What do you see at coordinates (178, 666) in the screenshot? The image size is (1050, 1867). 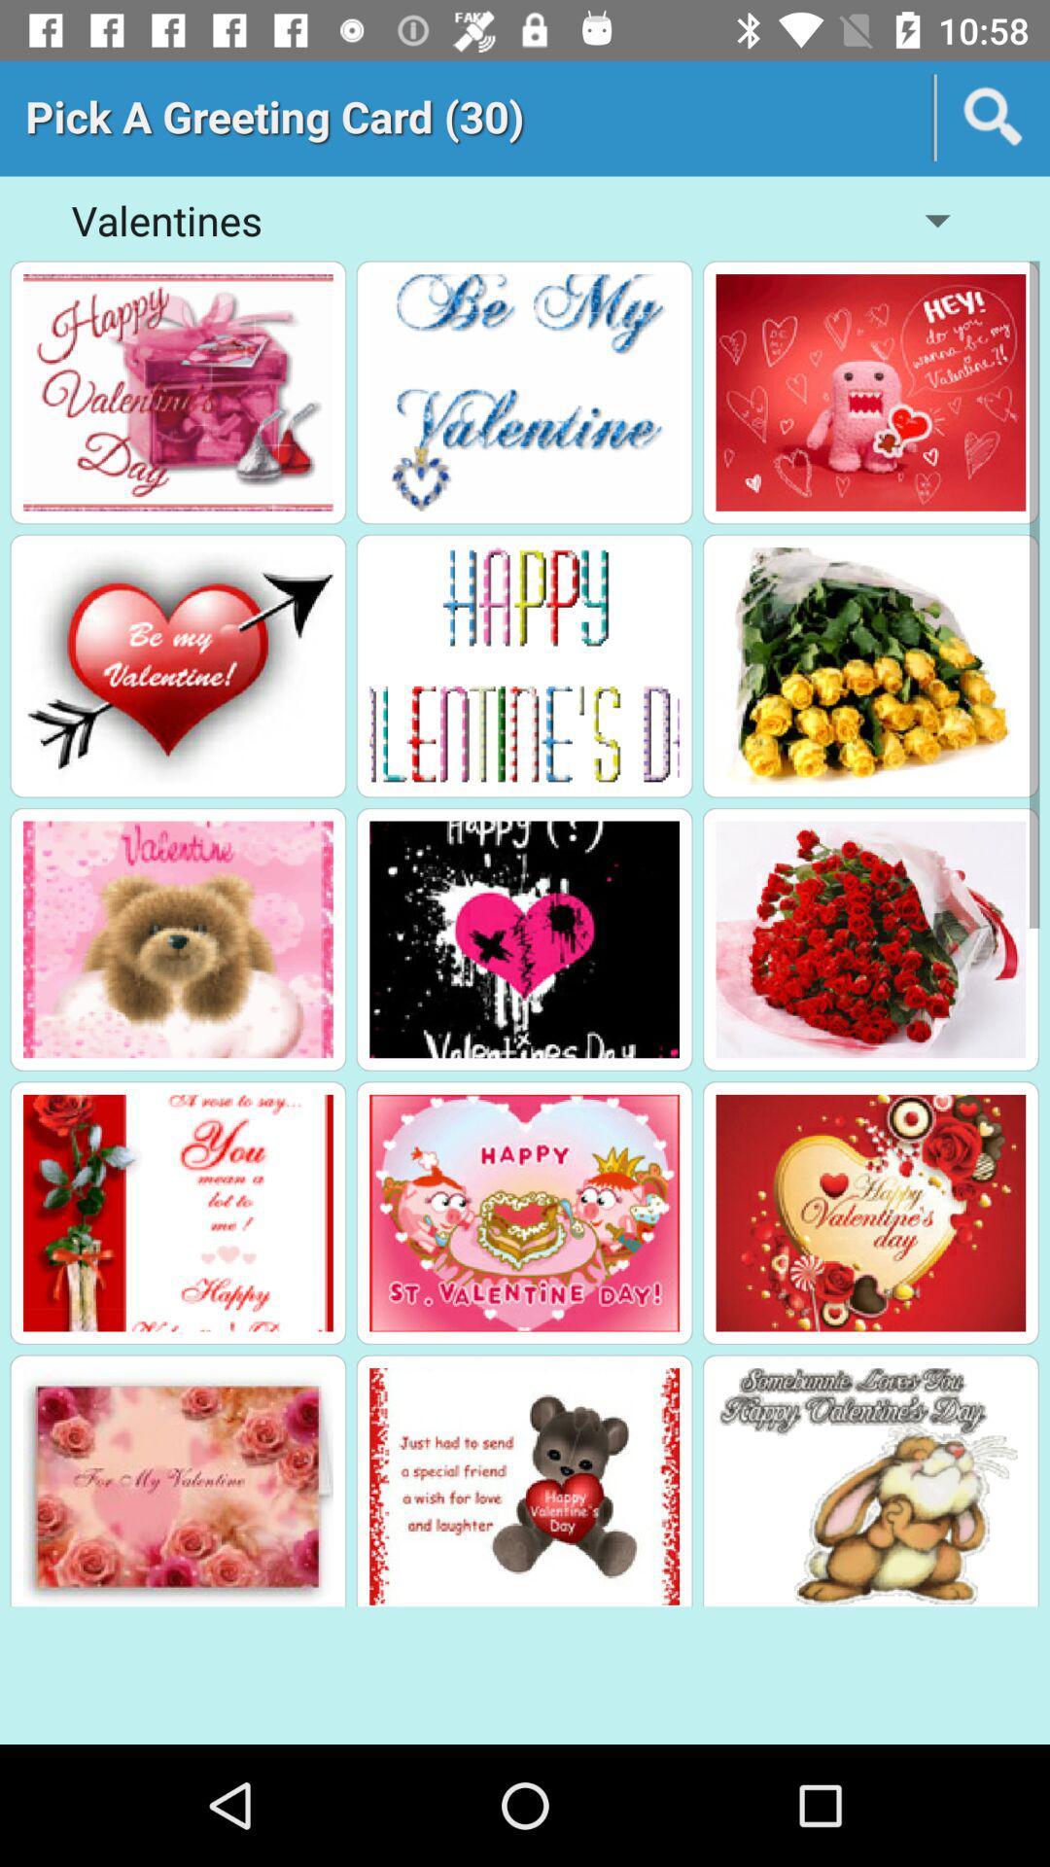 I see `heart image greeting card` at bounding box center [178, 666].